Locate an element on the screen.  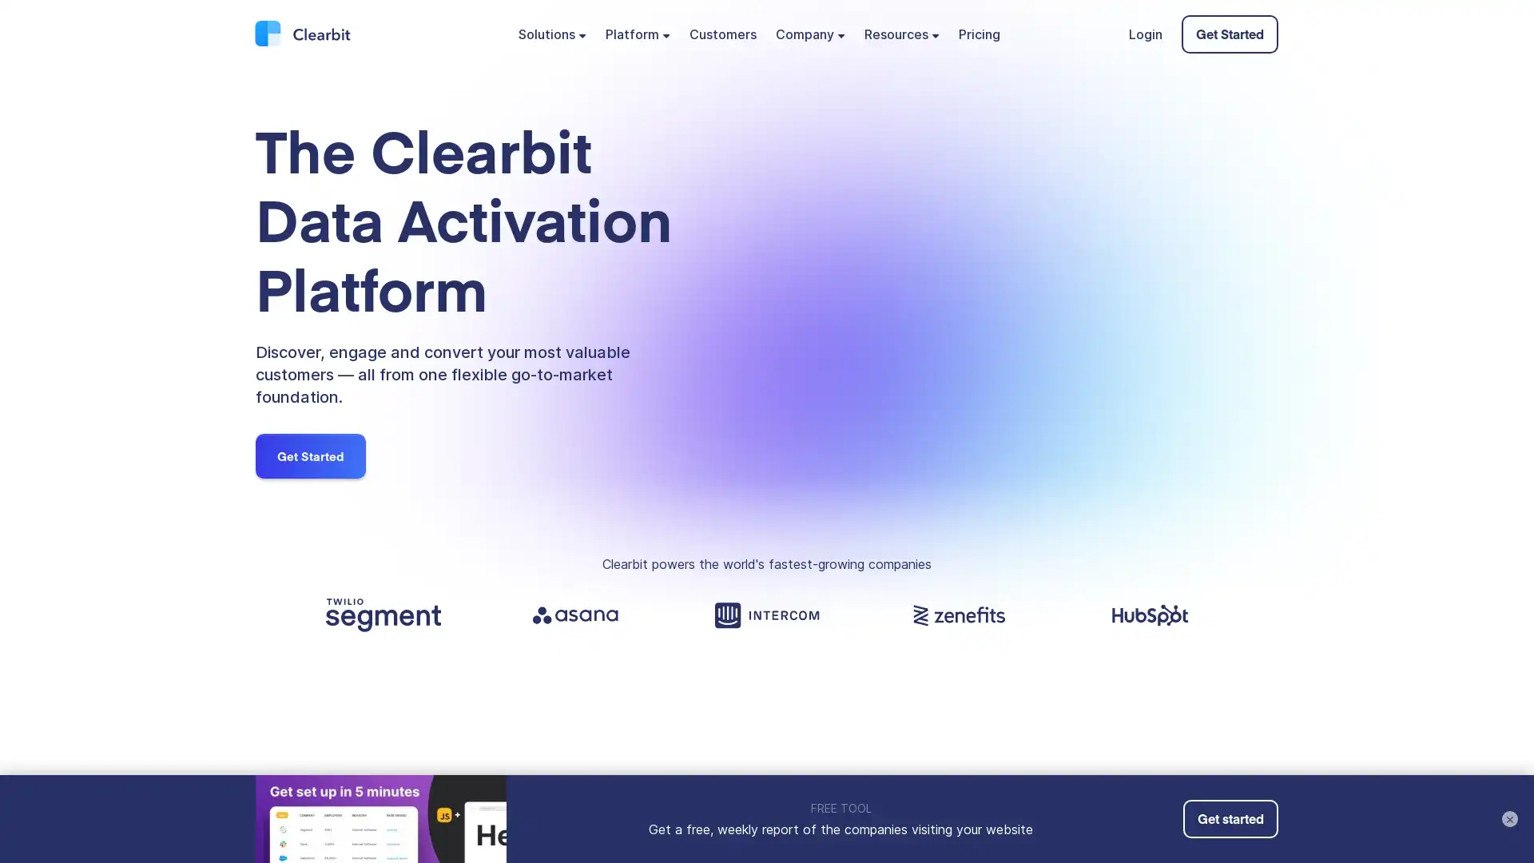
Get Started is located at coordinates (1229, 34).